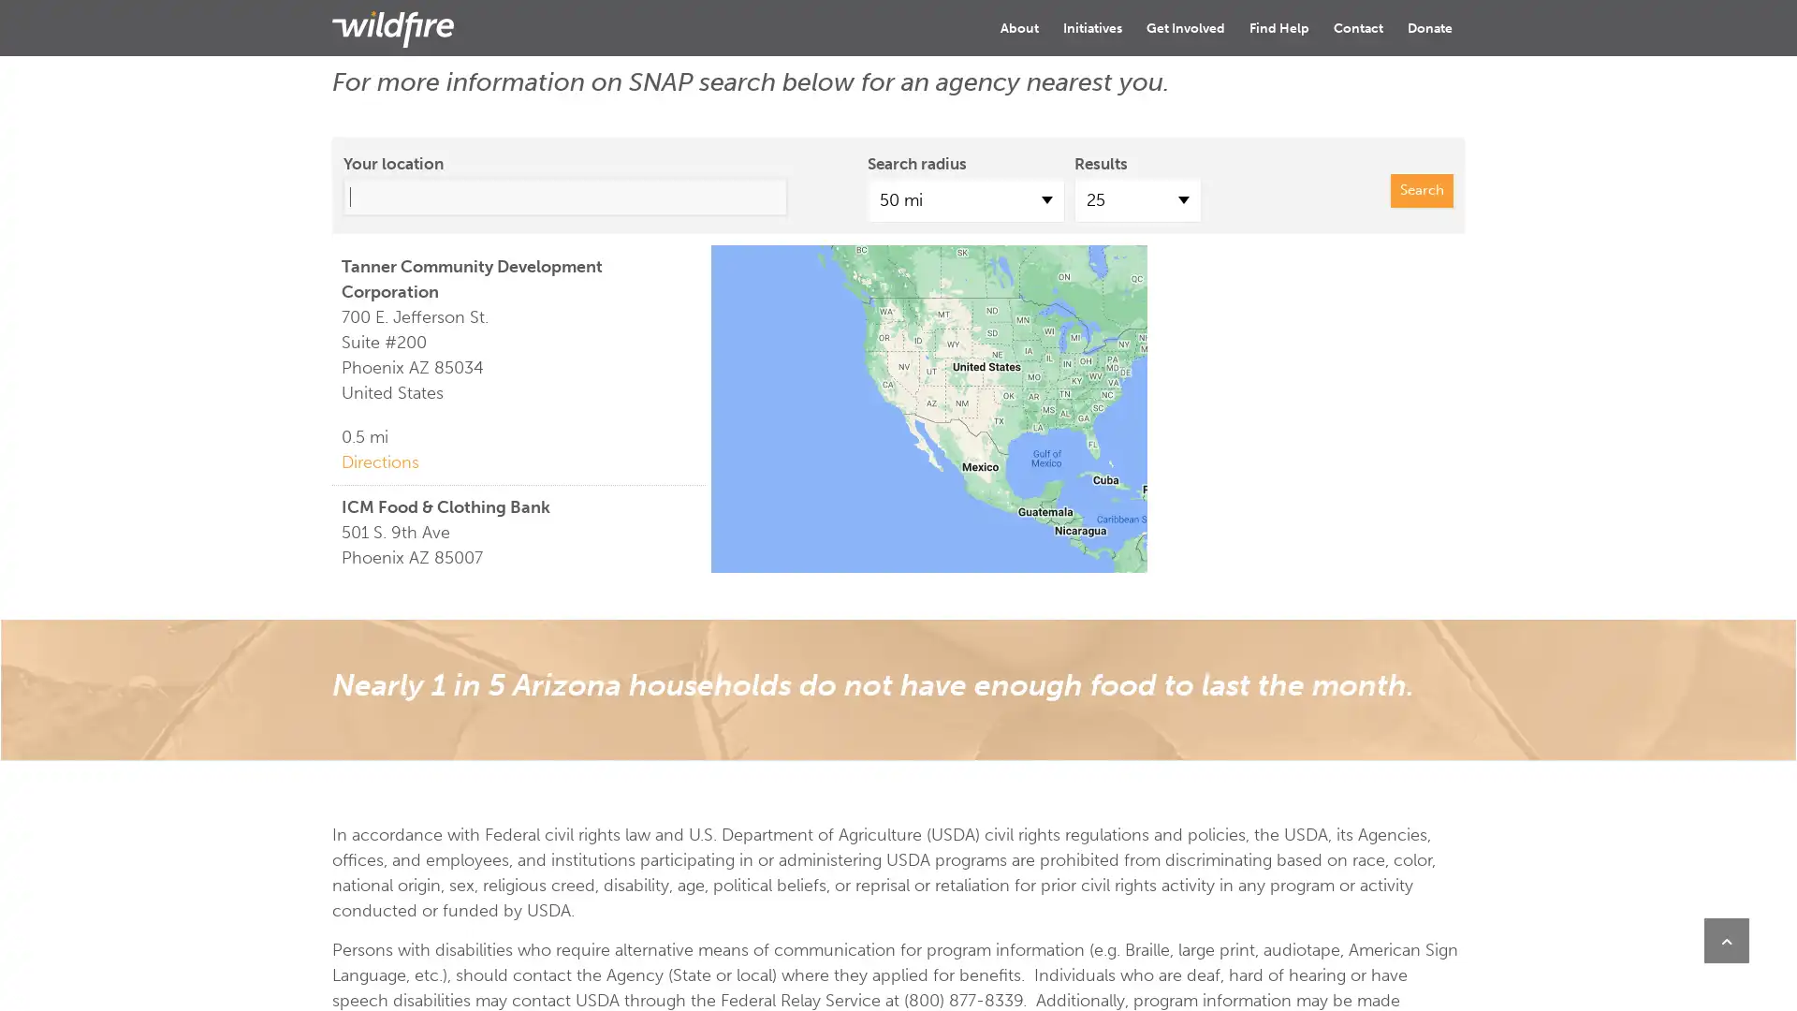  I want to click on Father Matters  Vivre, so click(1052, 348).